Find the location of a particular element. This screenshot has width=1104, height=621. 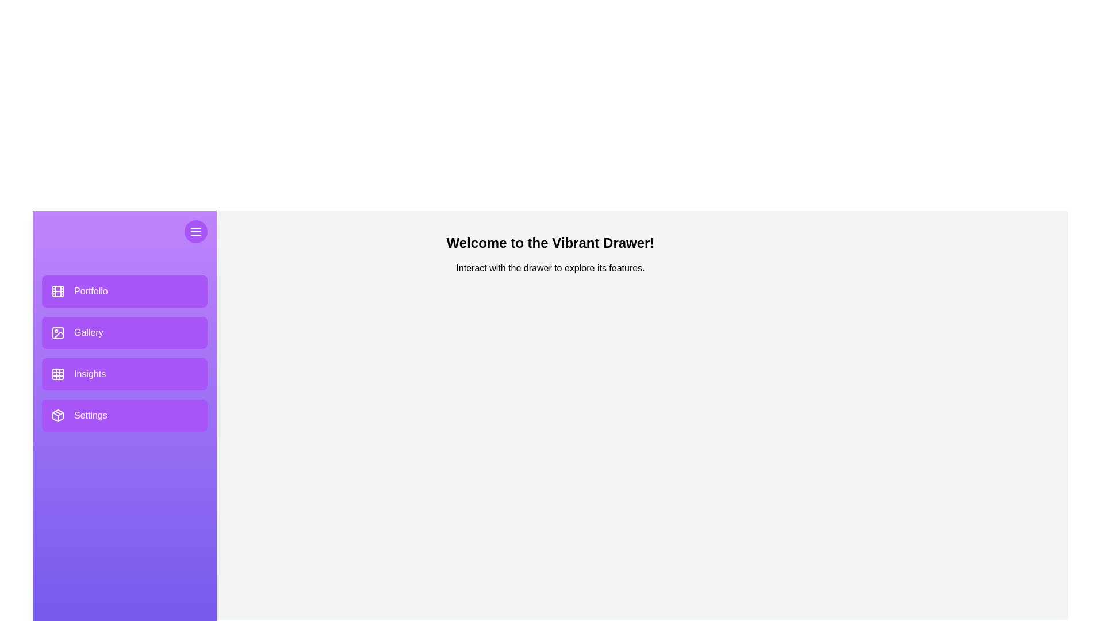

the 'Gallery' button to navigate to its section is located at coordinates (124, 332).